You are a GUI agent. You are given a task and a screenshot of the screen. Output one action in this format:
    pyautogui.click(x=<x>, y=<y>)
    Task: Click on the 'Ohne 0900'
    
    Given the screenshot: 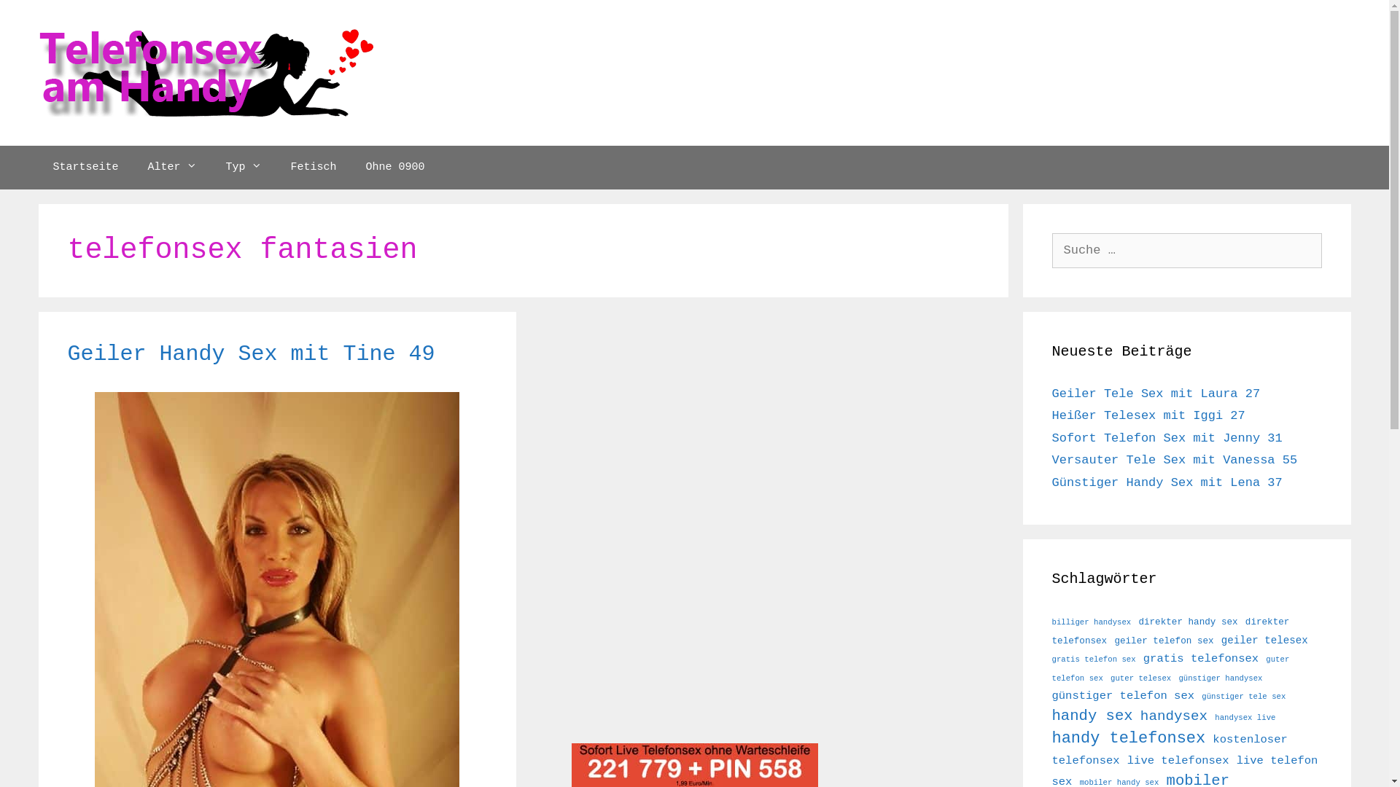 What is the action you would take?
    pyautogui.click(x=395, y=167)
    